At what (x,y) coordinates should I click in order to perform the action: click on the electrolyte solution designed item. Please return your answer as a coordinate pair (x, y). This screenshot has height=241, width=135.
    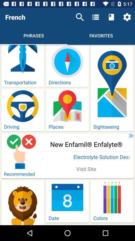
    Looking at the image, I should click on (86, 157).